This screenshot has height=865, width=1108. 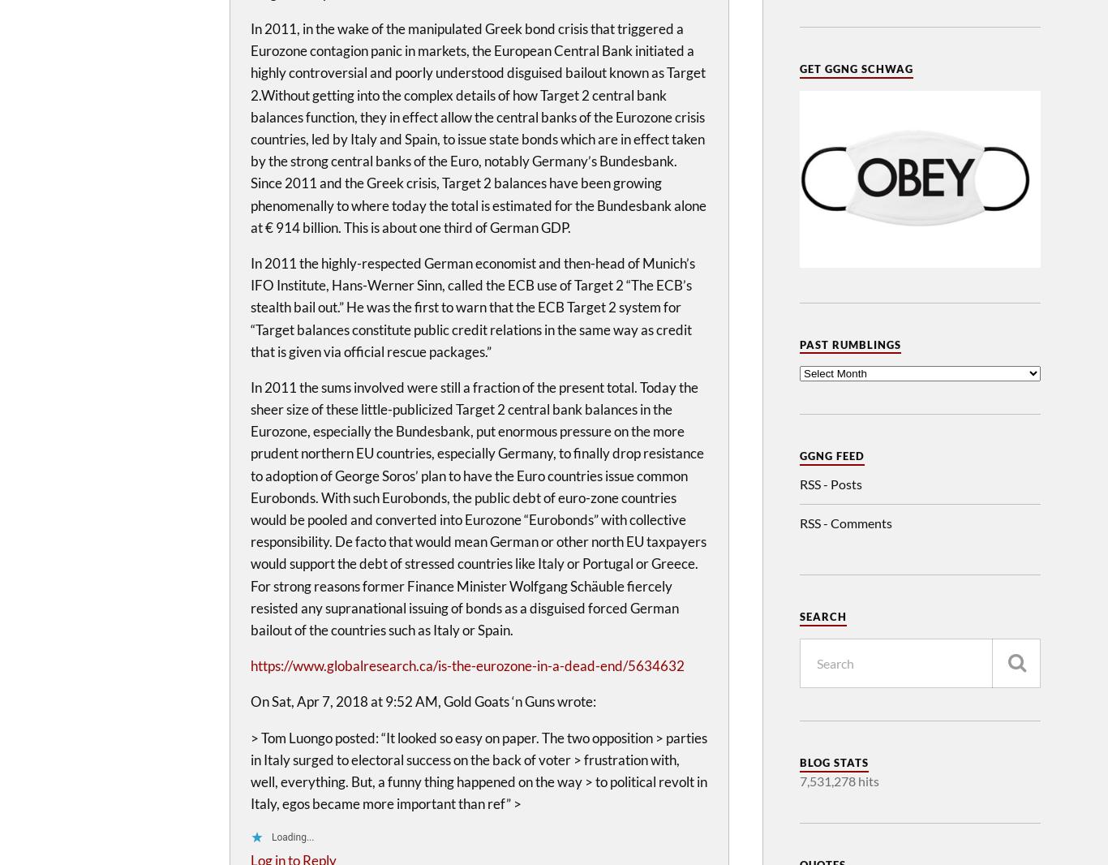 What do you see at coordinates (831, 454) in the screenshot?
I see `'GGnG Feed'` at bounding box center [831, 454].